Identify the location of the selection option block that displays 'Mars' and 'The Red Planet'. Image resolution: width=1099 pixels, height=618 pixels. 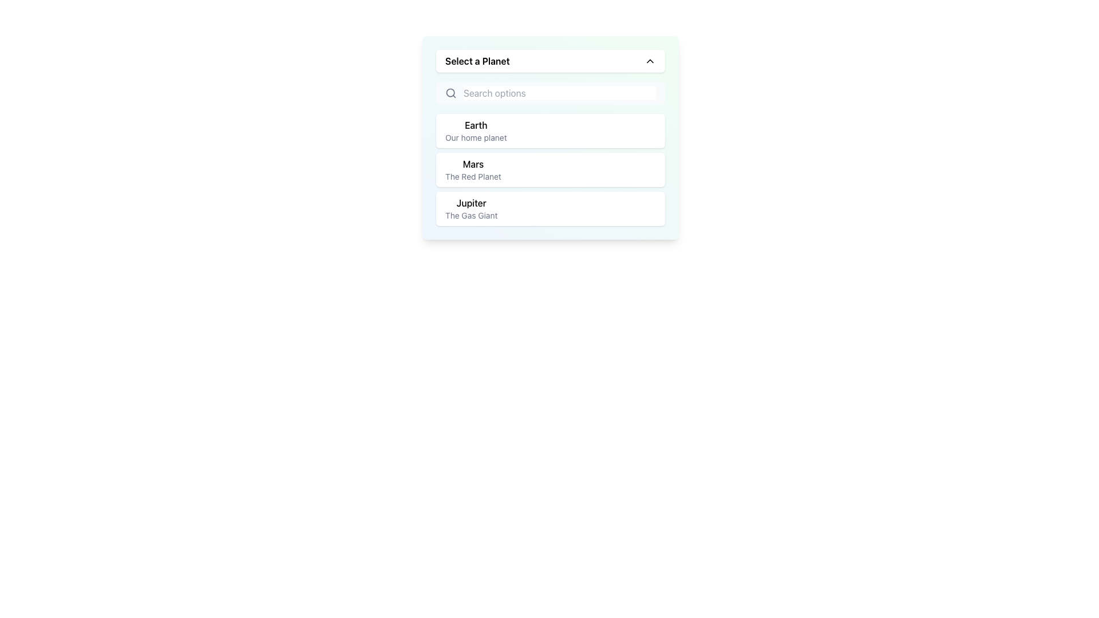
(550, 170).